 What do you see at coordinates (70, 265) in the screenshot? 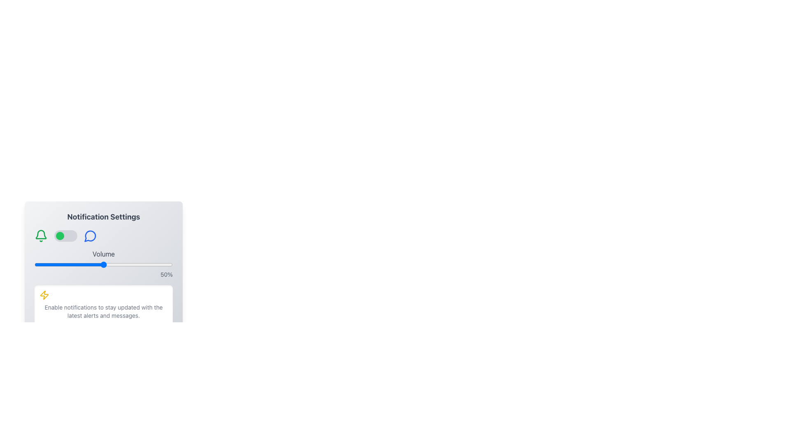
I see `the volume` at bounding box center [70, 265].